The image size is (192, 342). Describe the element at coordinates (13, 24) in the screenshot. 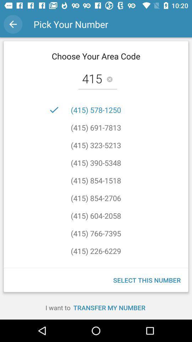

I see `icon above choose your area icon` at that location.